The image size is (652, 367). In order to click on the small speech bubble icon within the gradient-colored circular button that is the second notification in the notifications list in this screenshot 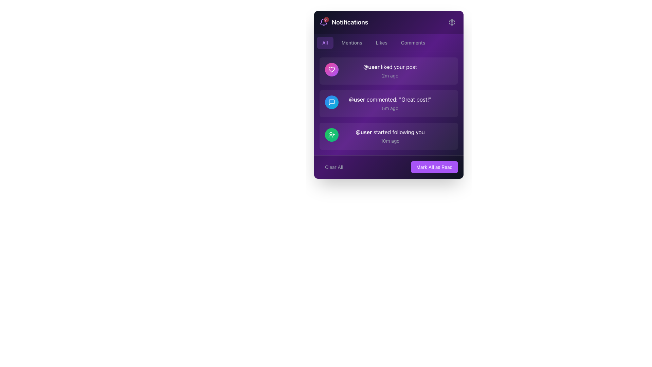, I will do `click(332, 102)`.